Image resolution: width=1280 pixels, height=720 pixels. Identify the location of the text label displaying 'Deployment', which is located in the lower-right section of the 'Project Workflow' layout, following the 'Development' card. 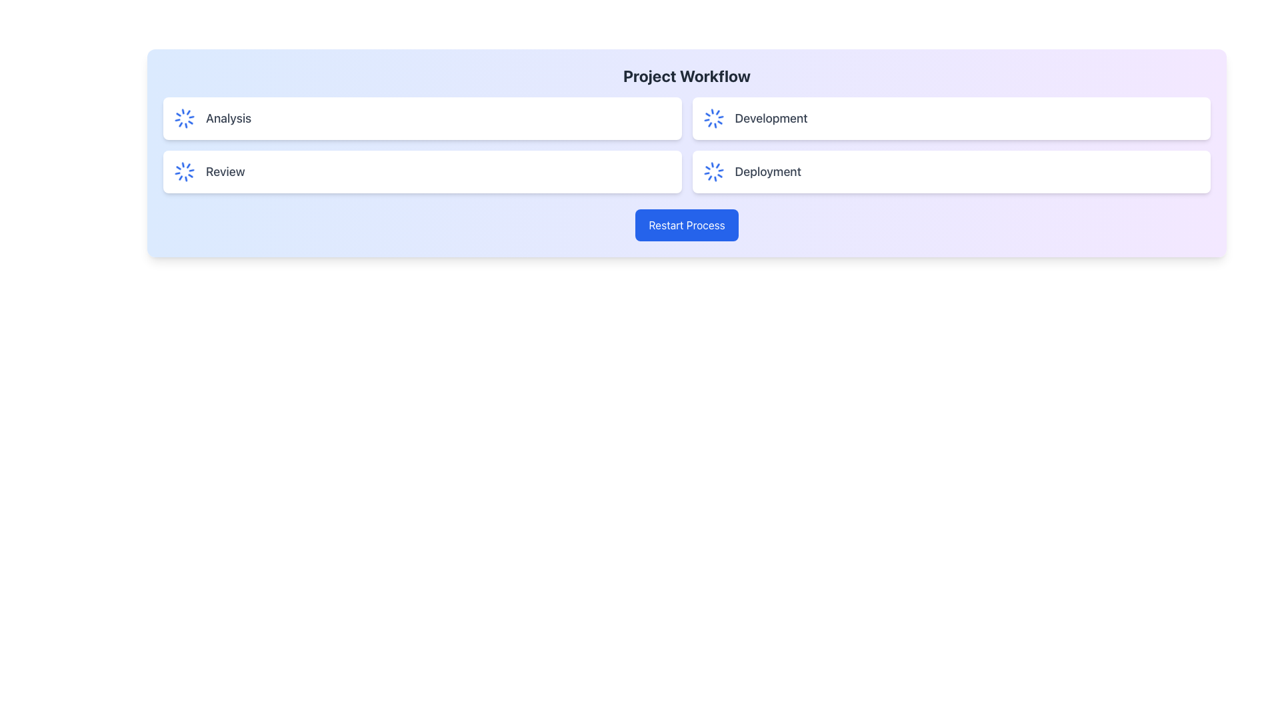
(768, 171).